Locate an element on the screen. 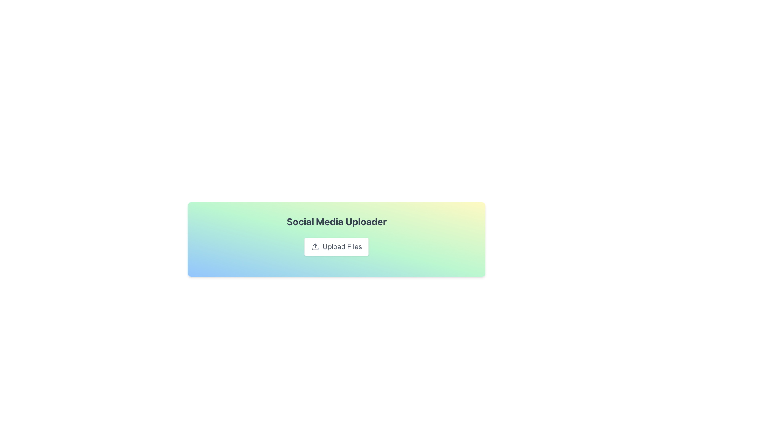 The height and width of the screenshot is (432, 769). the 'Upload Files' button located within the 'Social Media Uploader' card, which features a gradient background and bold header text is located at coordinates (336, 239).